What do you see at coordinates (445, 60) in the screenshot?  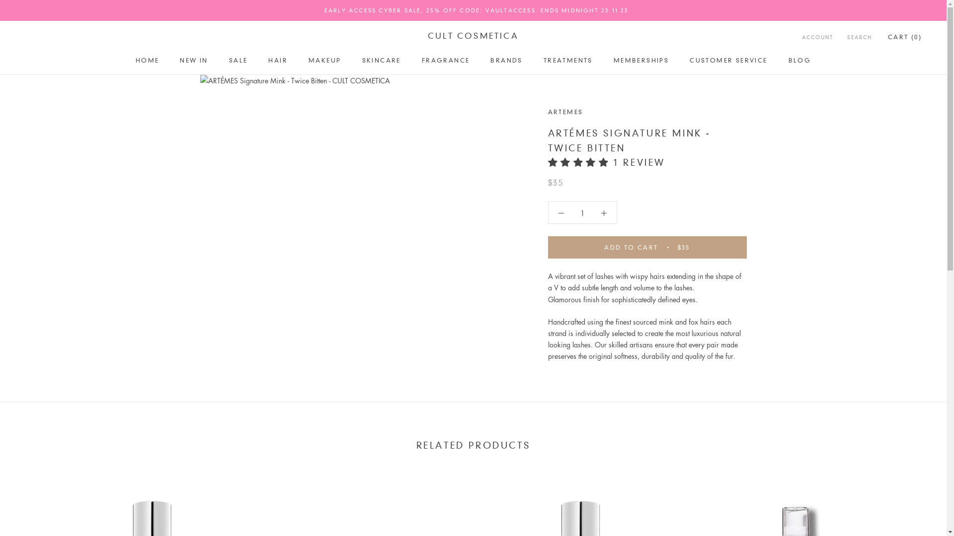 I see `'FRAGRANCE'` at bounding box center [445, 60].